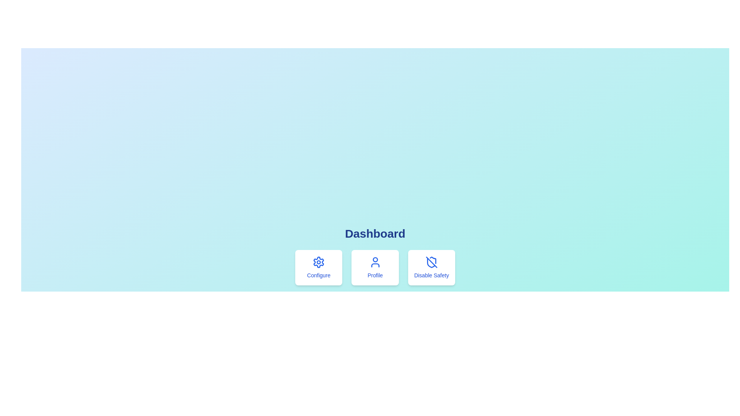 This screenshot has width=740, height=416. I want to click on the user profile button located in the center of the three horizontally arranged modules below the 'Dashboard' title, so click(375, 267).